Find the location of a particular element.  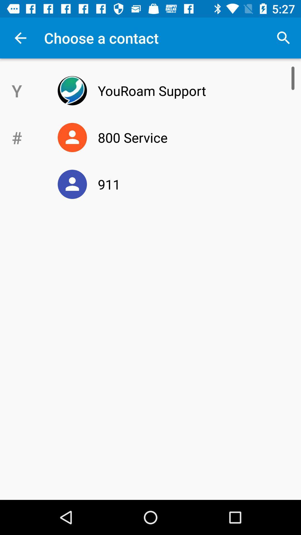

the item above youroam support icon is located at coordinates (283, 38).